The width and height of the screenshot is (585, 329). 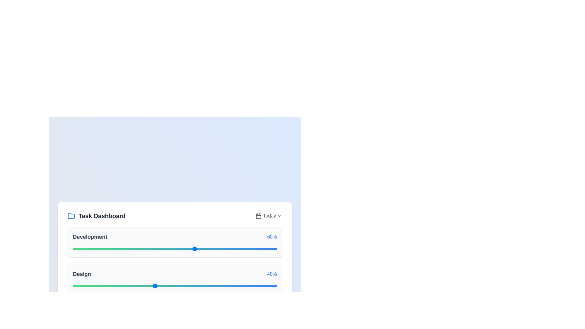 What do you see at coordinates (154, 249) in the screenshot?
I see `the slider` at bounding box center [154, 249].